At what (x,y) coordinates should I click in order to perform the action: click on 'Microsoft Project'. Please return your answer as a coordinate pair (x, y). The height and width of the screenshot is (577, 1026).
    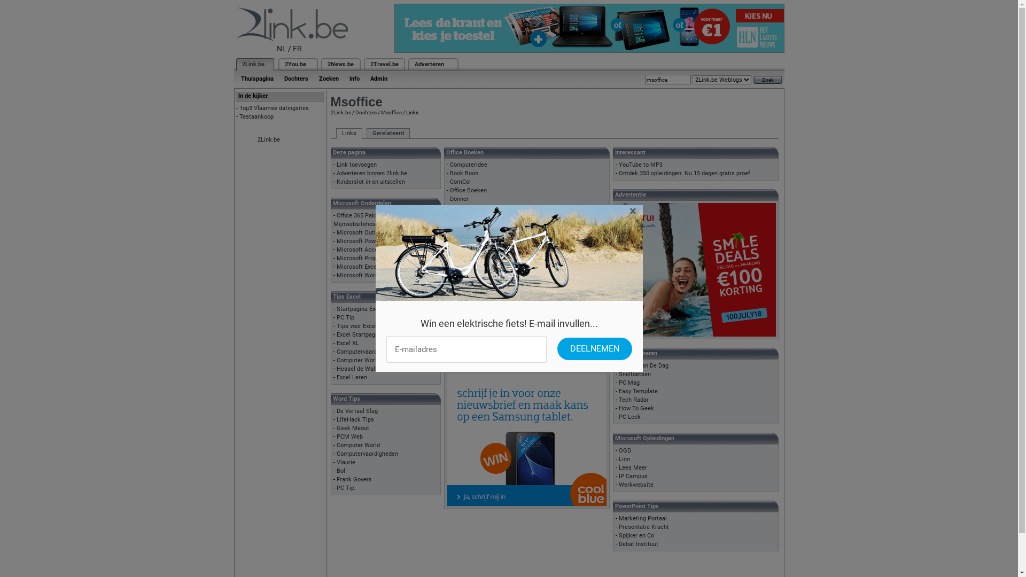
    Looking at the image, I should click on (360, 258).